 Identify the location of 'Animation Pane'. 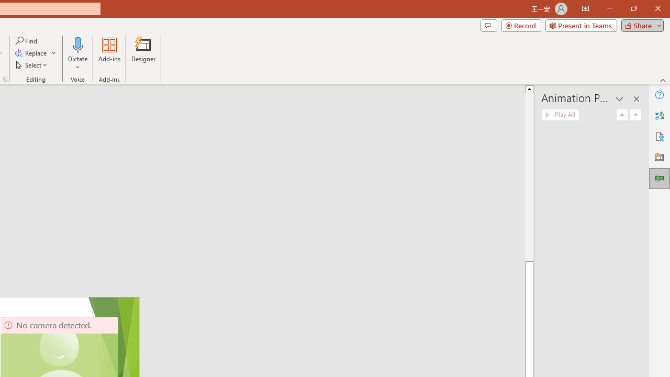
(659, 178).